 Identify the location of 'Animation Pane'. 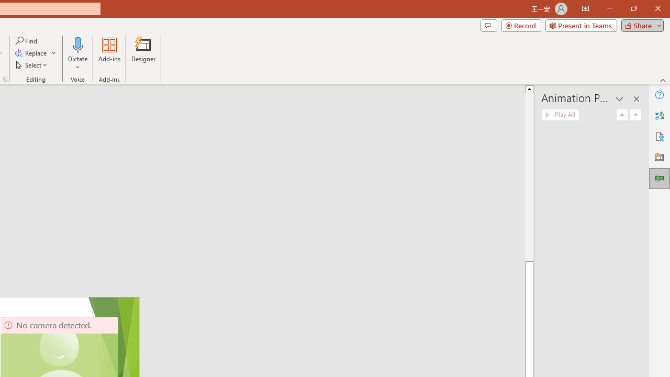
(659, 178).